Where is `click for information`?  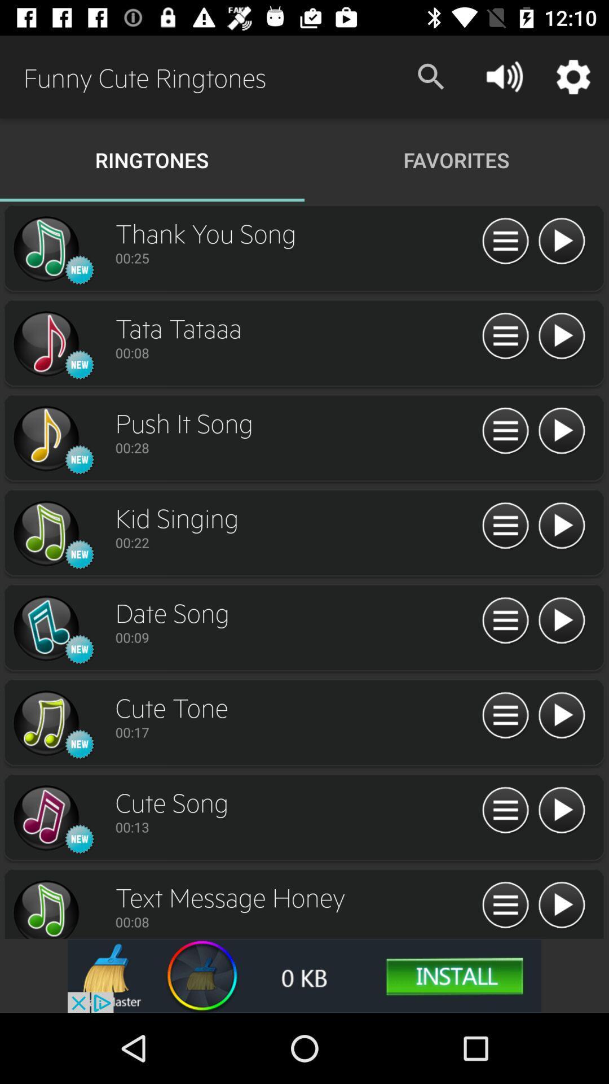 click for information is located at coordinates (505, 526).